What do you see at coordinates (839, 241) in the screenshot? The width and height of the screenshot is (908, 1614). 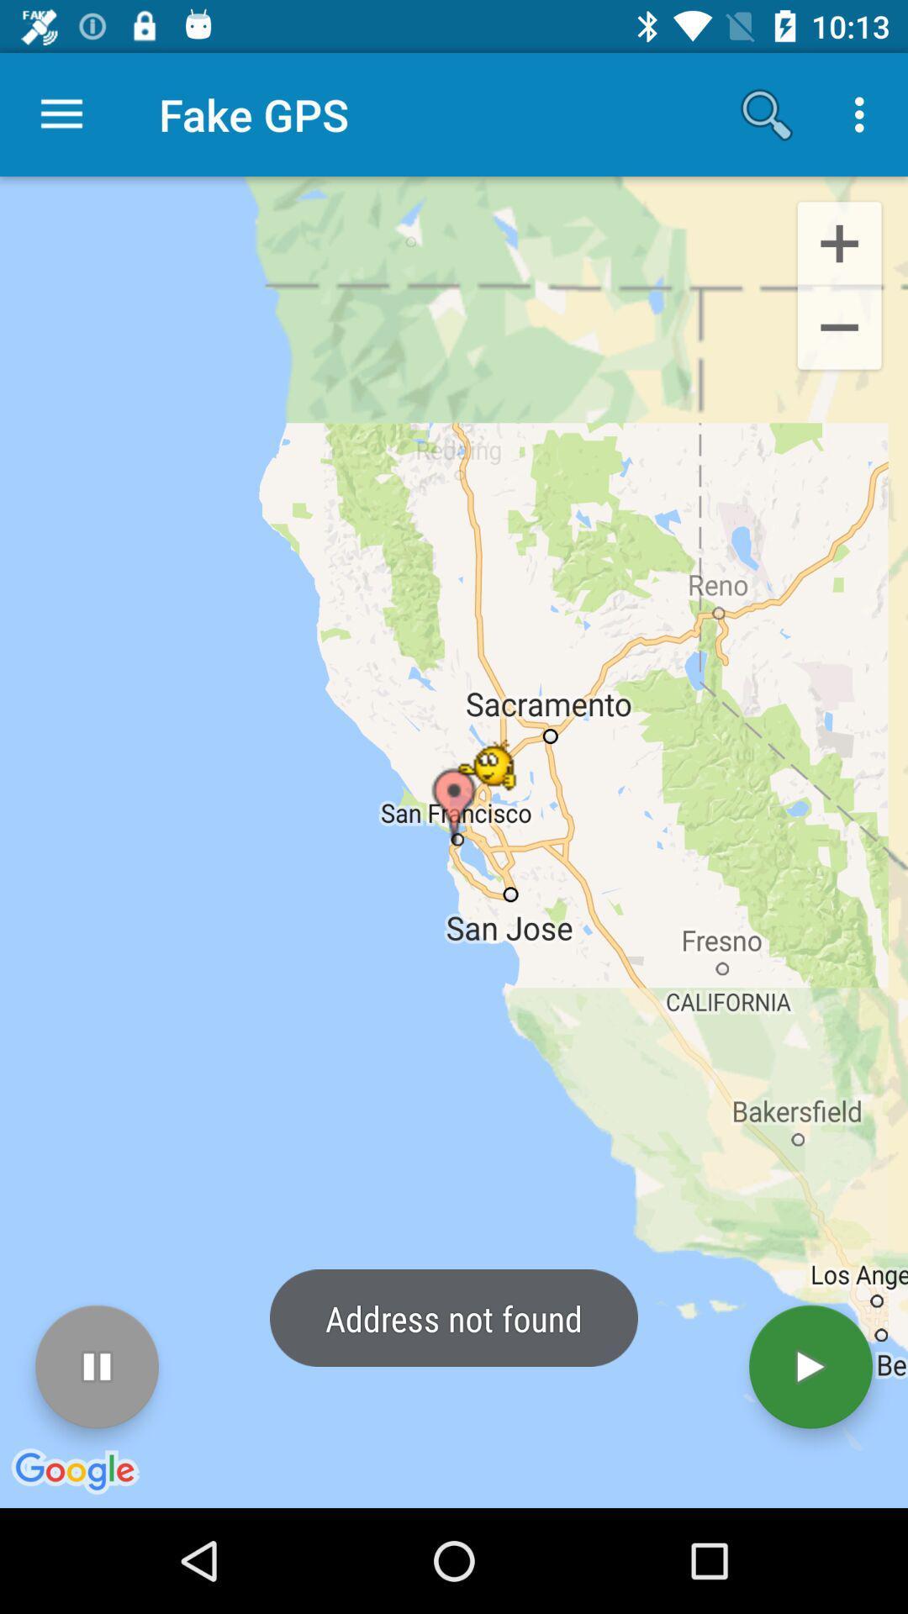 I see `the add icon` at bounding box center [839, 241].